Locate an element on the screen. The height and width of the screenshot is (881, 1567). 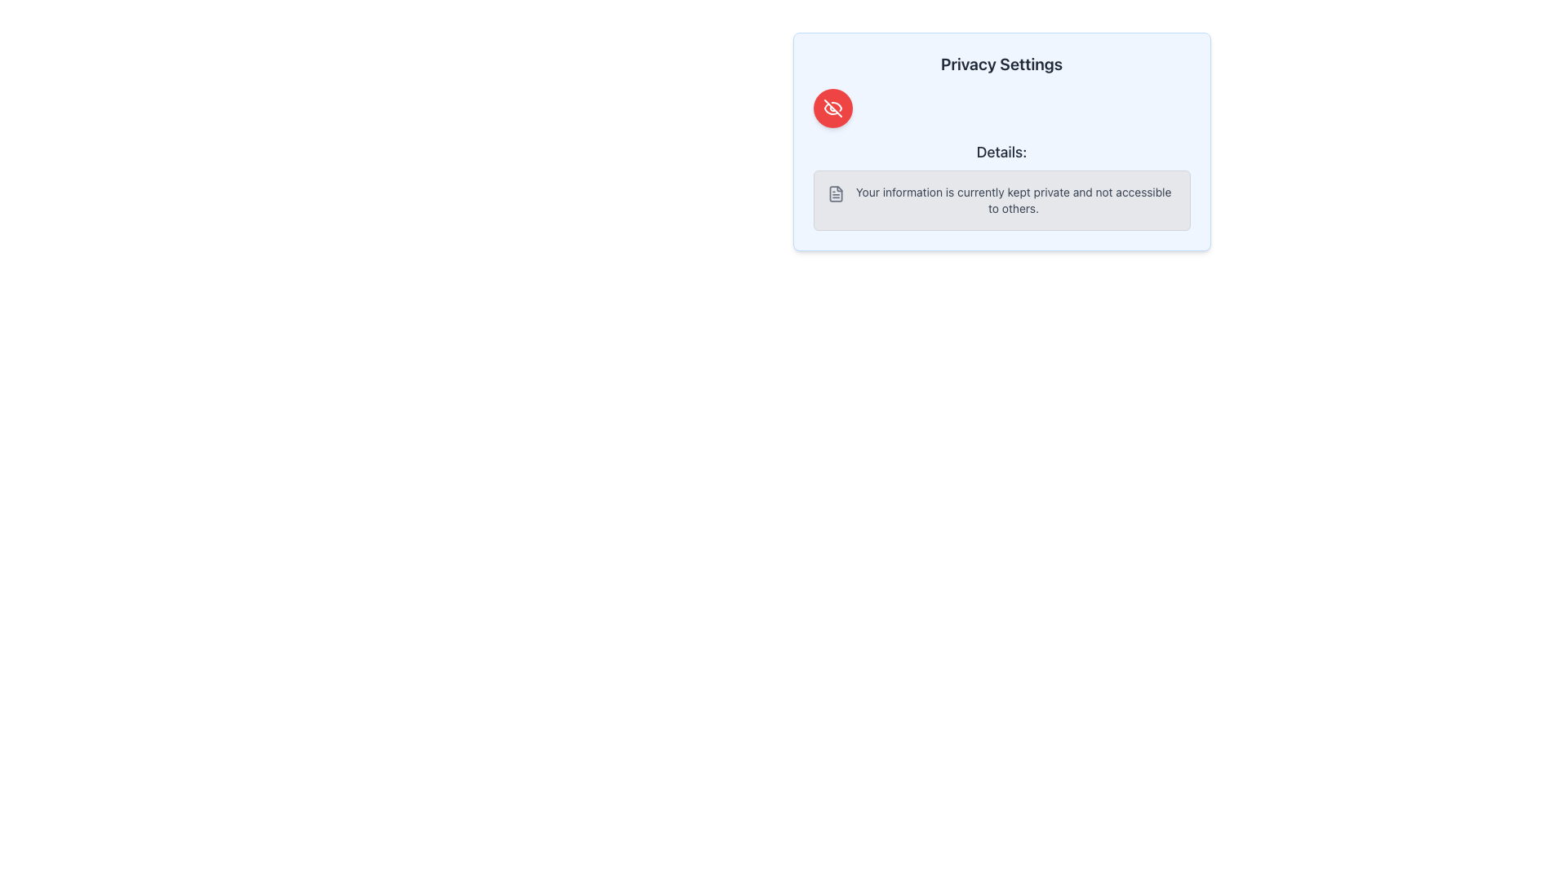
the privacy toggle icon located in the upper-left corner of the blue card interface labeled 'Privacy Settings' is located at coordinates (832, 108).